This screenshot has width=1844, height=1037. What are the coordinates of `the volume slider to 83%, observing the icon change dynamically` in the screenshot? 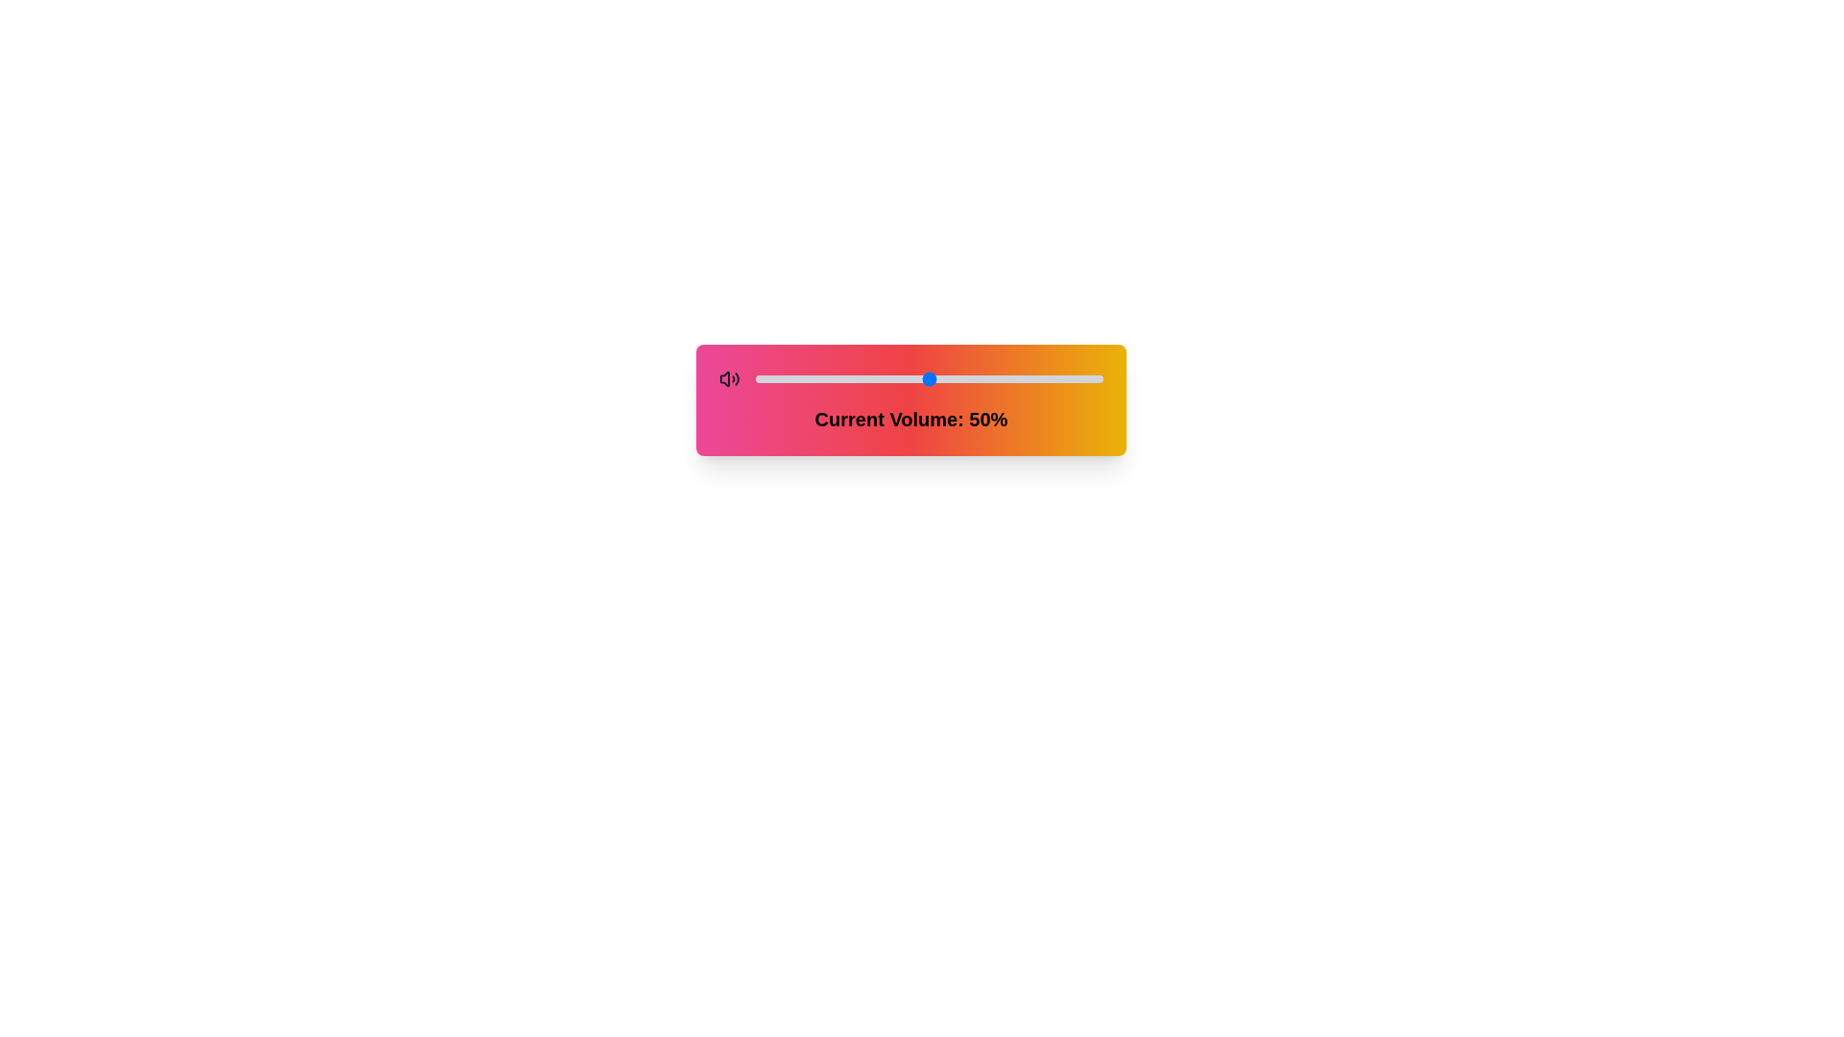 It's located at (1043, 378).